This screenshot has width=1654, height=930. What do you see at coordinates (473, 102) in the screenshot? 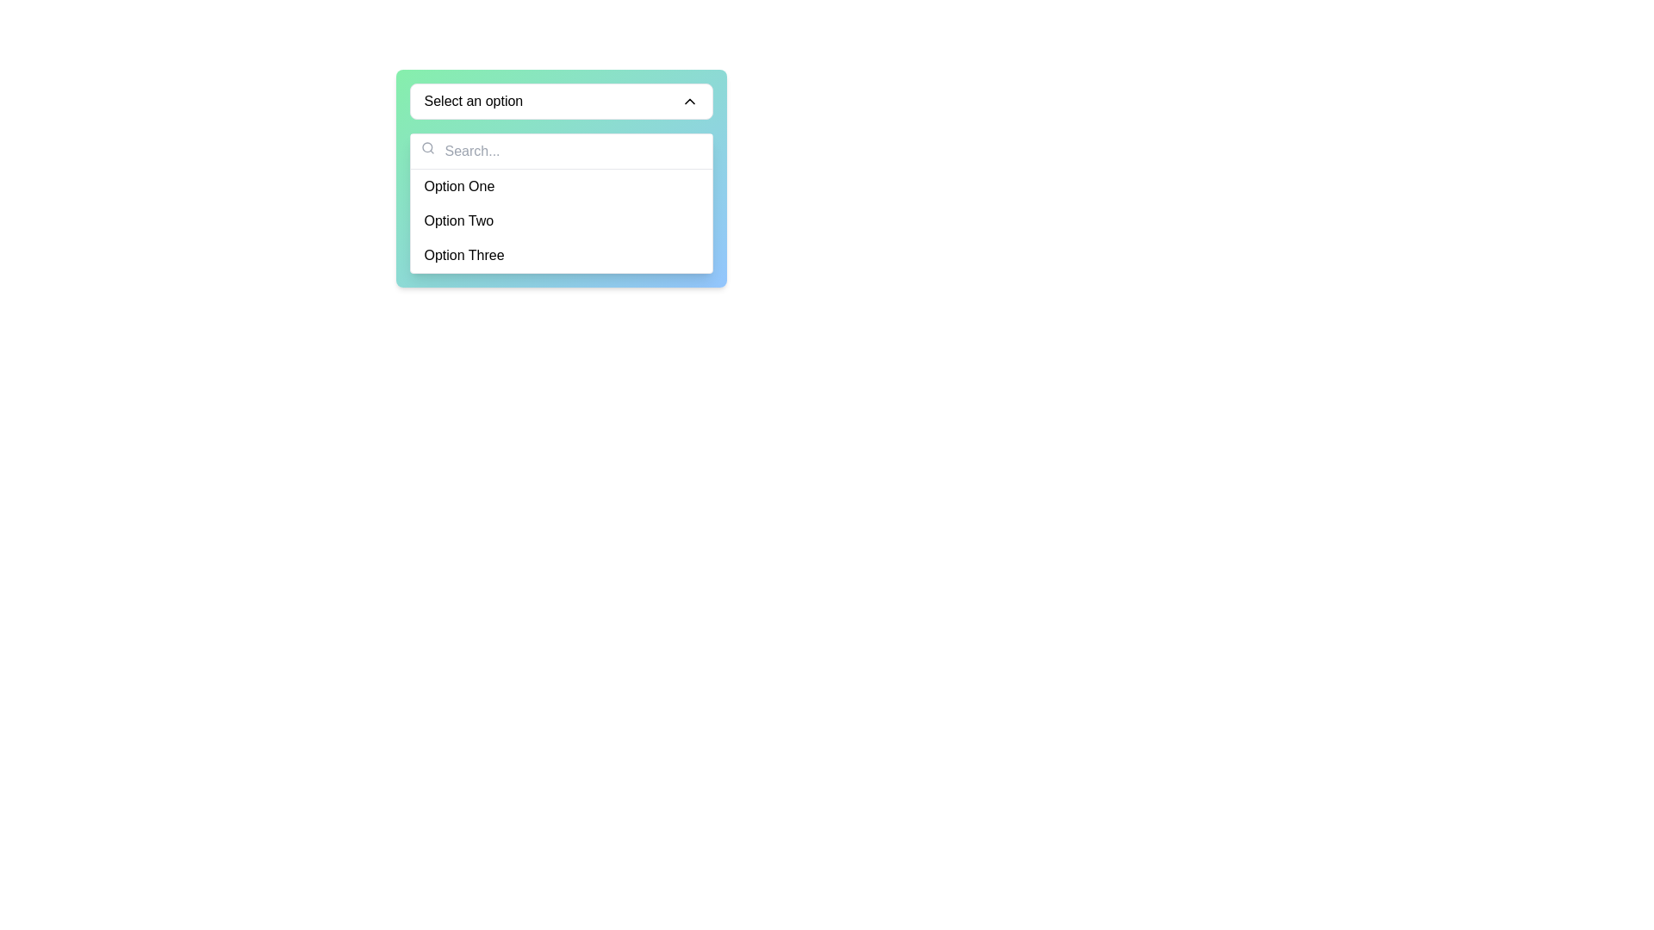
I see `the text label that indicates a required selection in the dropdown component, located in the top section and adjacent to the chevron-down icon` at bounding box center [473, 102].